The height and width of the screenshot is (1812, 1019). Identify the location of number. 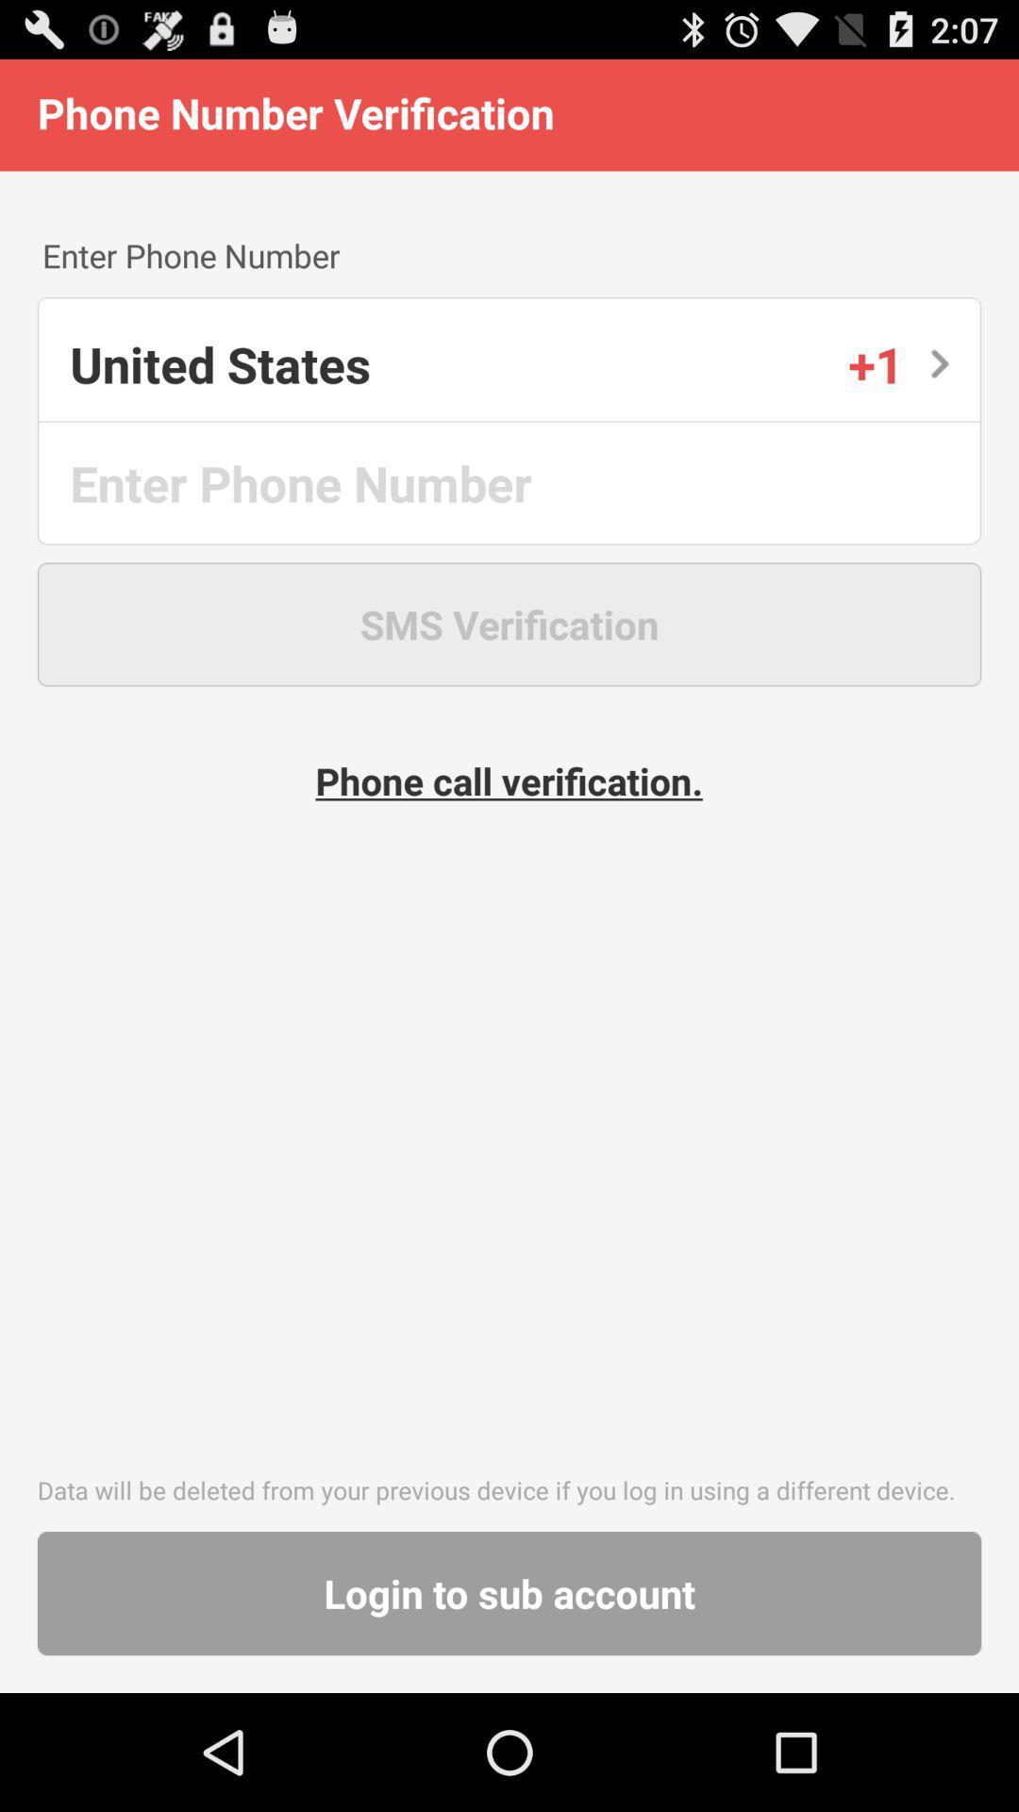
(511, 482).